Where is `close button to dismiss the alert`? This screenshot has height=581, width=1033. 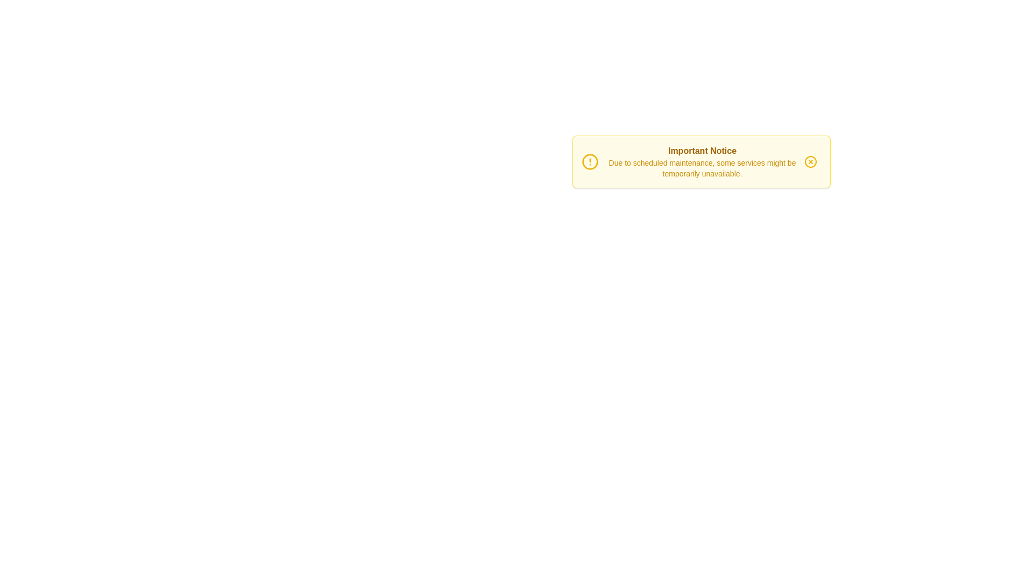
close button to dismiss the alert is located at coordinates (810, 161).